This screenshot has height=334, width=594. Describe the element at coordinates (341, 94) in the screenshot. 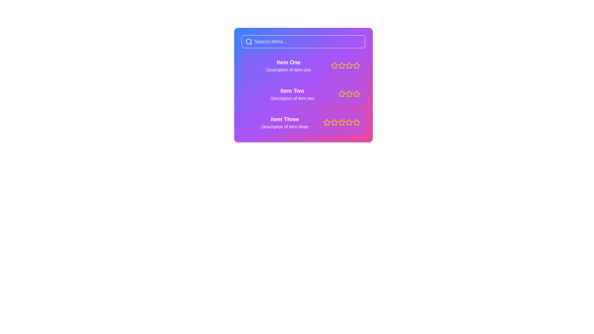

I see `the second star in the interactive star rating component to set the rating for 'Item Two'` at that location.